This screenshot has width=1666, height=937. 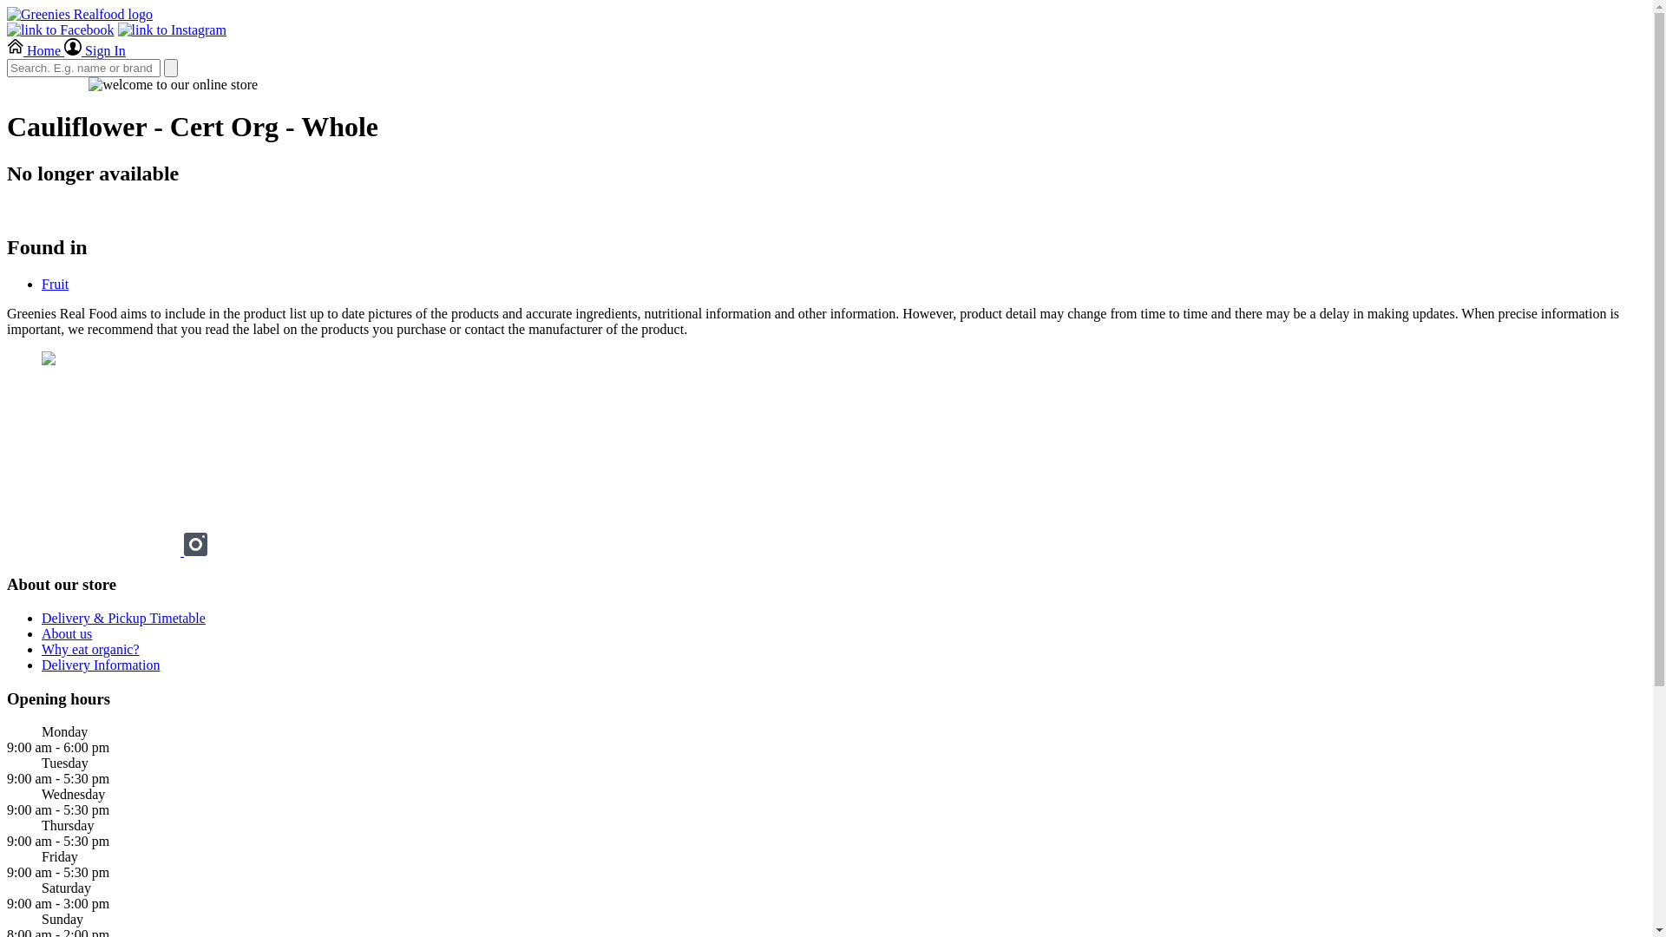 What do you see at coordinates (99, 664) in the screenshot?
I see `'Delivery Information'` at bounding box center [99, 664].